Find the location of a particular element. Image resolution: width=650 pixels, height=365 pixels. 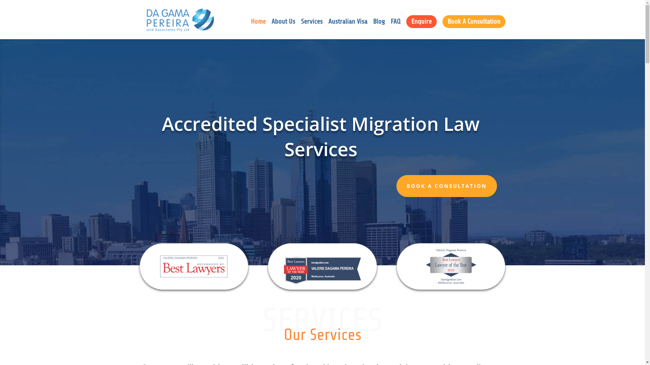

'Home' is located at coordinates (250, 29).